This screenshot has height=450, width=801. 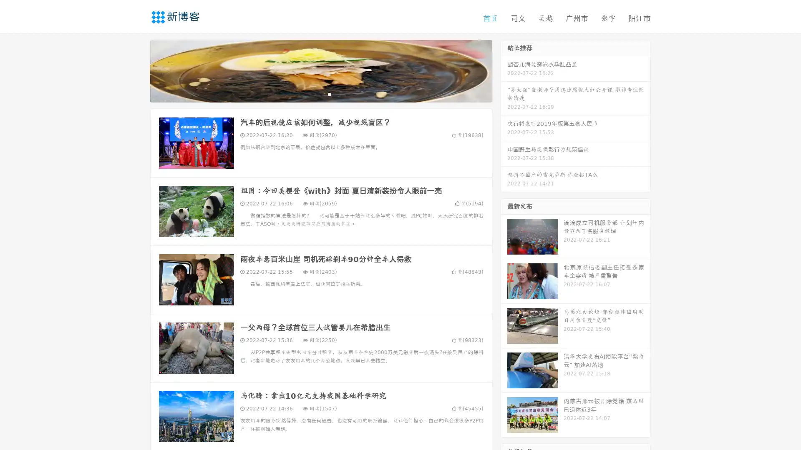 I want to click on Next slide, so click(x=504, y=70).